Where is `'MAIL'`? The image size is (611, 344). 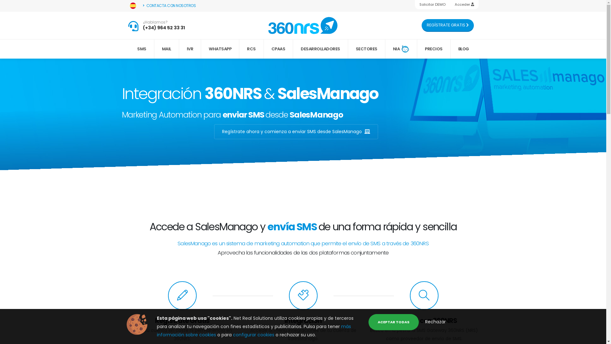
'MAIL' is located at coordinates (166, 49).